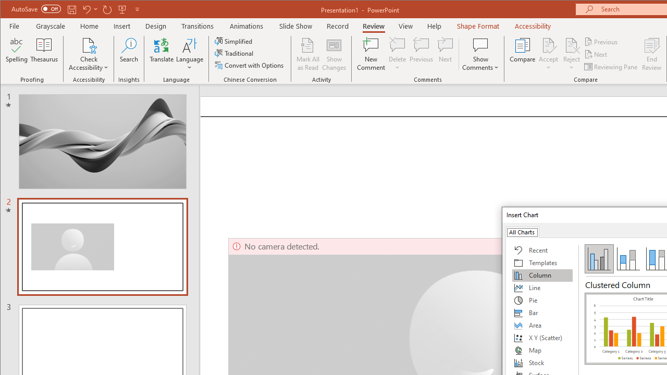 The width and height of the screenshot is (667, 375). What do you see at coordinates (542, 250) in the screenshot?
I see `'Recent'` at bounding box center [542, 250].